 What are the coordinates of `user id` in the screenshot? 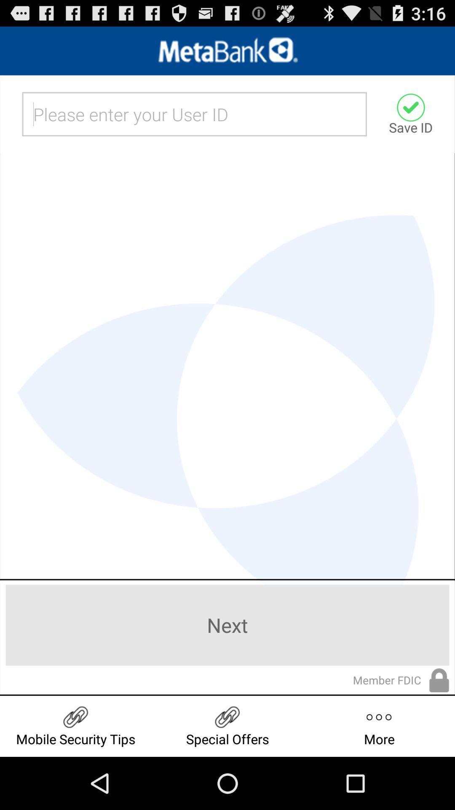 It's located at (194, 113).